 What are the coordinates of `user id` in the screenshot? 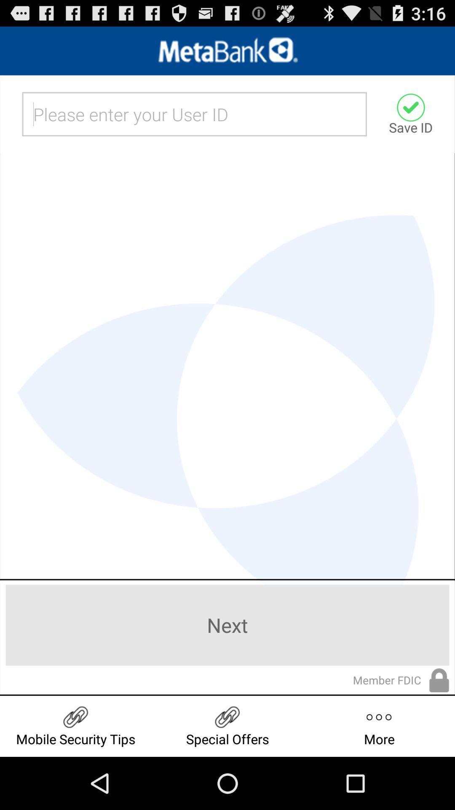 It's located at (194, 113).